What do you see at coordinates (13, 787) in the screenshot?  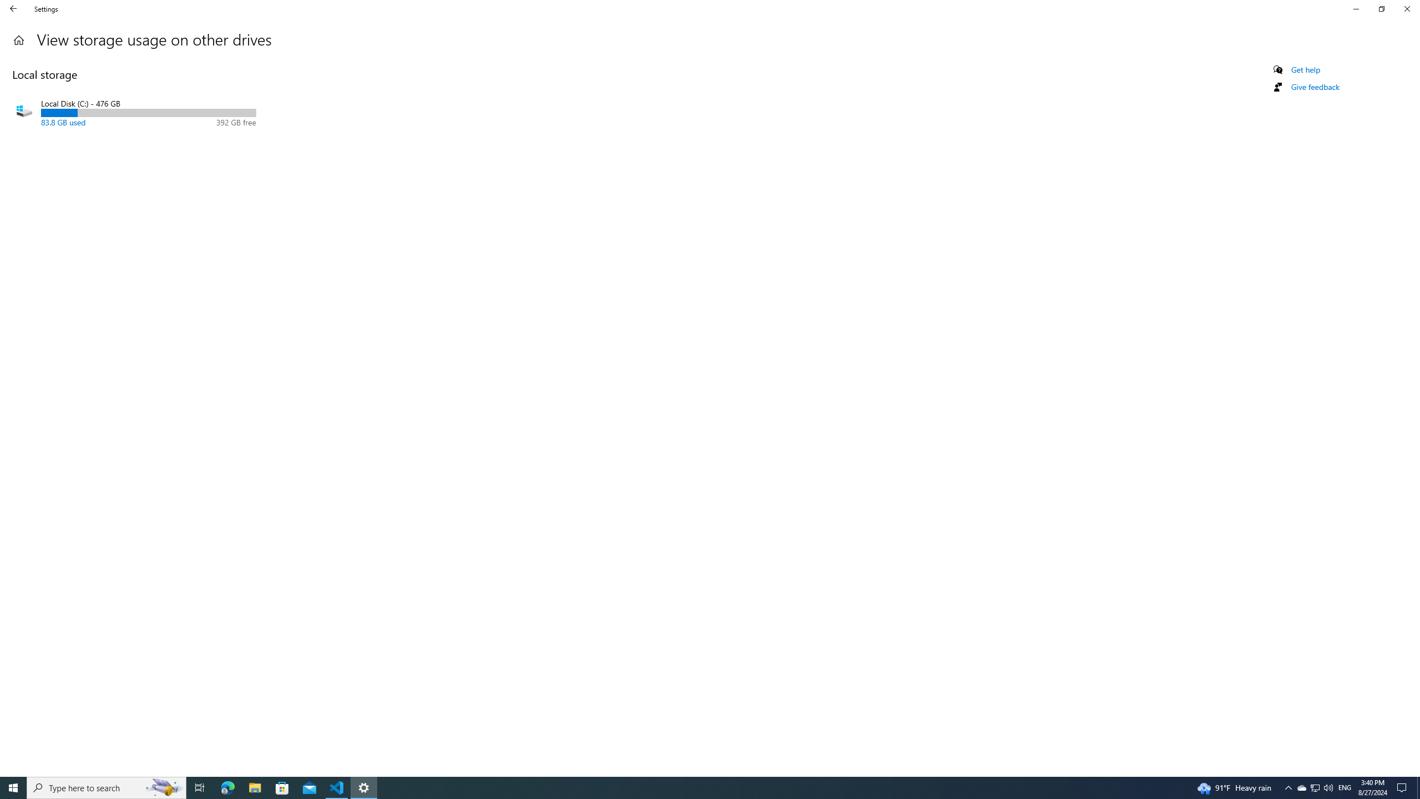 I see `'Start'` at bounding box center [13, 787].